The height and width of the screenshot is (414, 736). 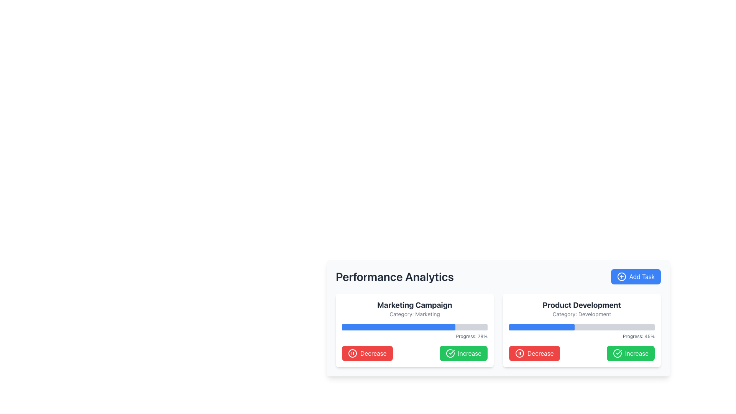 I want to click on the text label that indicates the category of the corresponding campaign, located directly under the title 'Marketing Campaign' and above the progress bar, so click(x=414, y=314).